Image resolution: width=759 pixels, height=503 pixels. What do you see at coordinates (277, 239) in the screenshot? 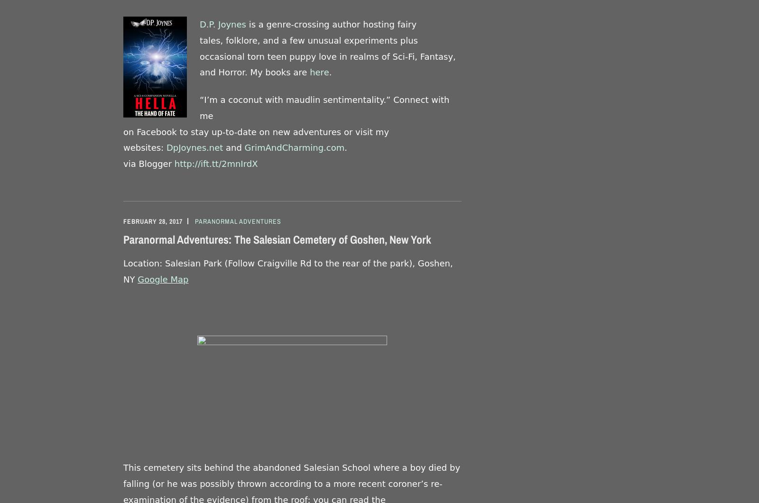
I see `'Paranormal Adventures: The Salesian Cemetery of Goshen, New York'` at bounding box center [277, 239].